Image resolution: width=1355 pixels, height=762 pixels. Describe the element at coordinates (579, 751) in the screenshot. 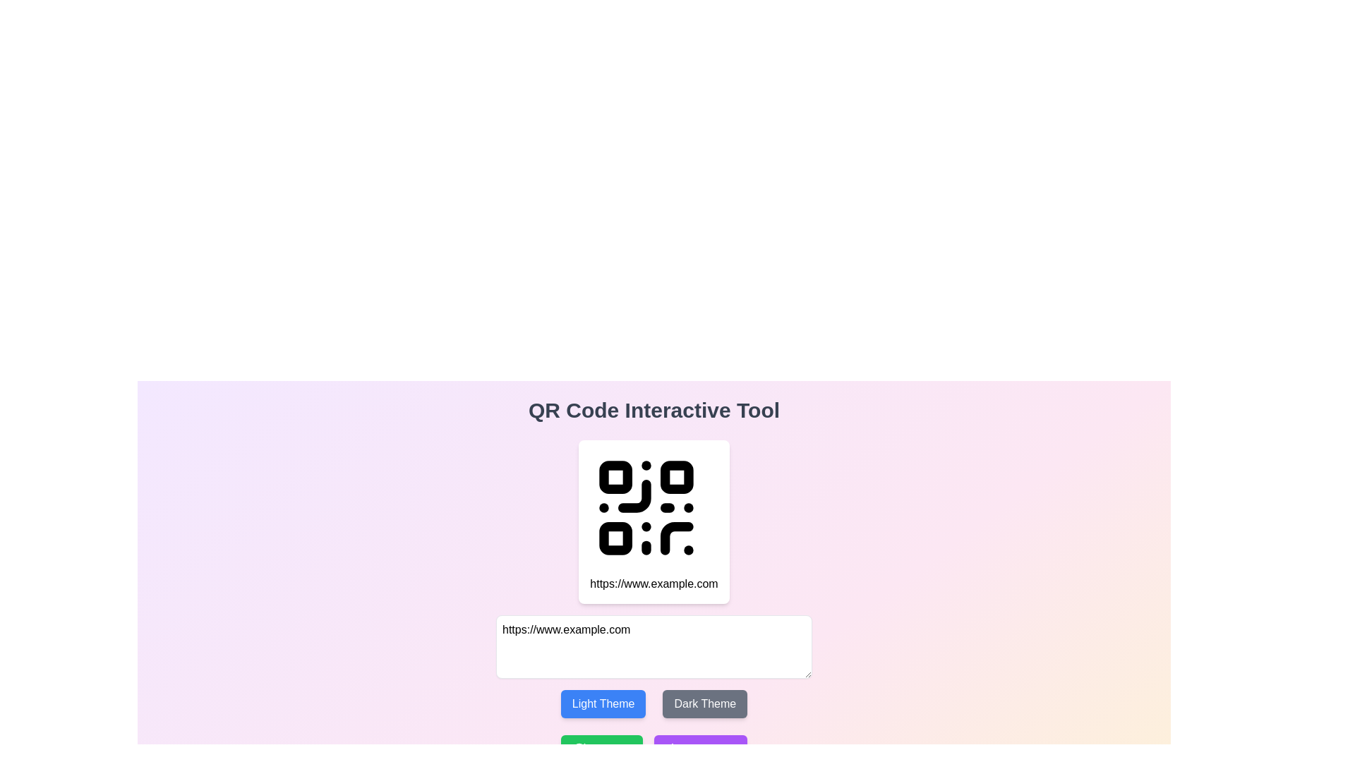

I see `the surrounding refresh icon located at the bottom right corner of the interface` at that location.